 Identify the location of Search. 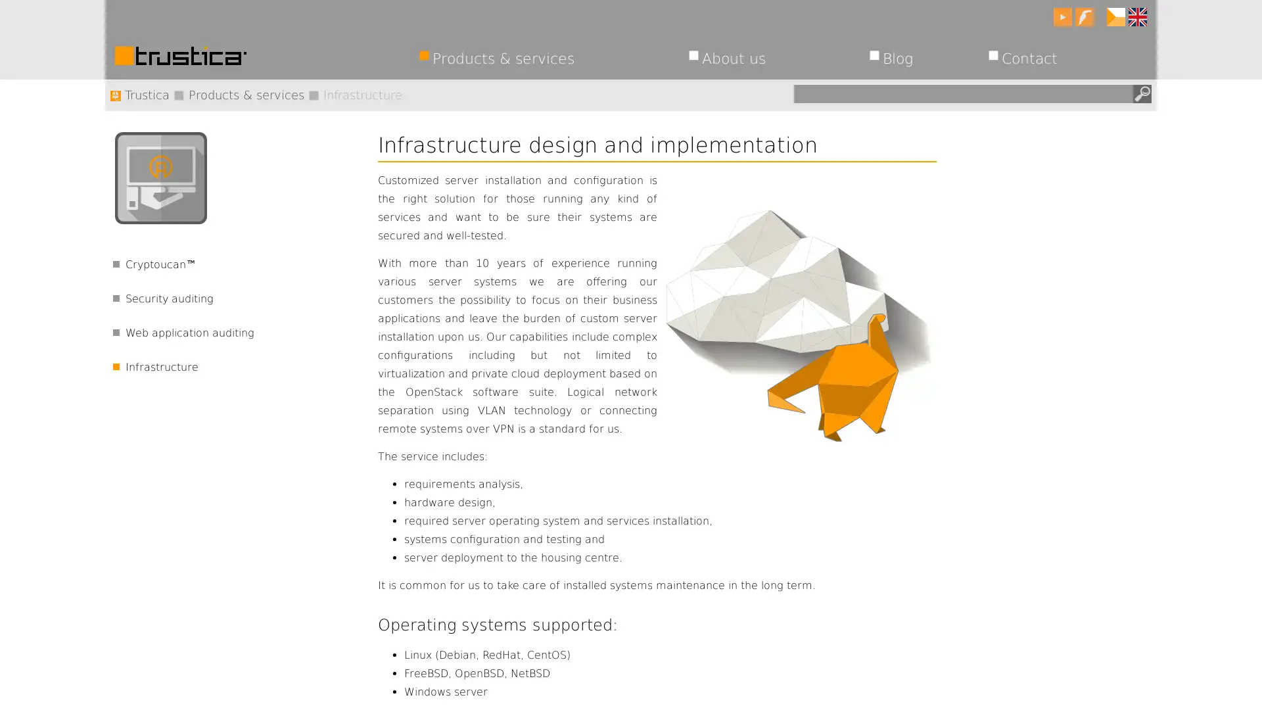
(1141, 93).